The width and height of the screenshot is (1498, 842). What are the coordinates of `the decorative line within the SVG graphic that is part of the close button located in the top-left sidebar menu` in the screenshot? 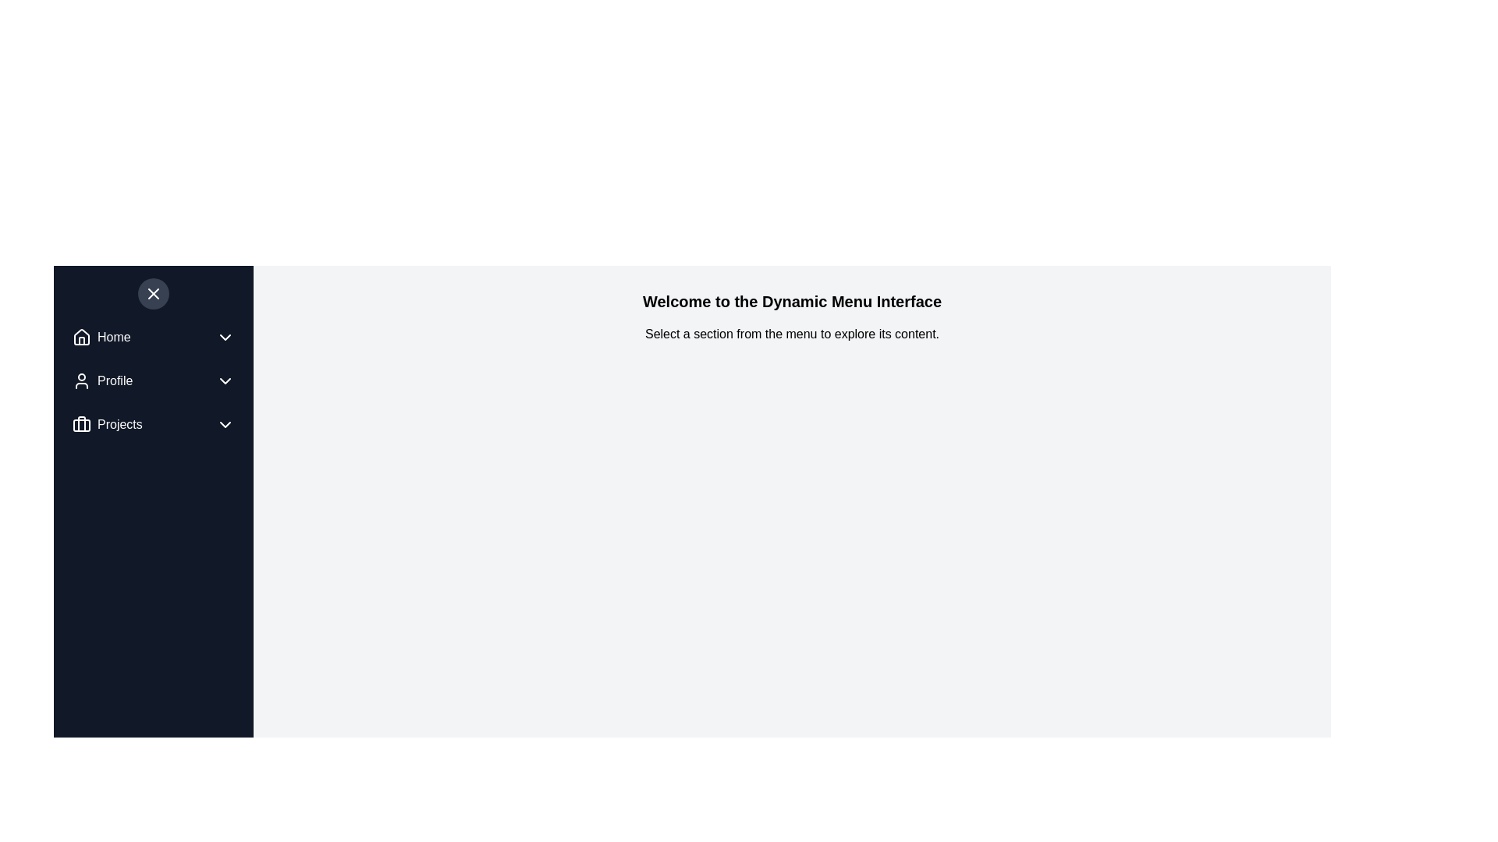 It's located at (153, 294).